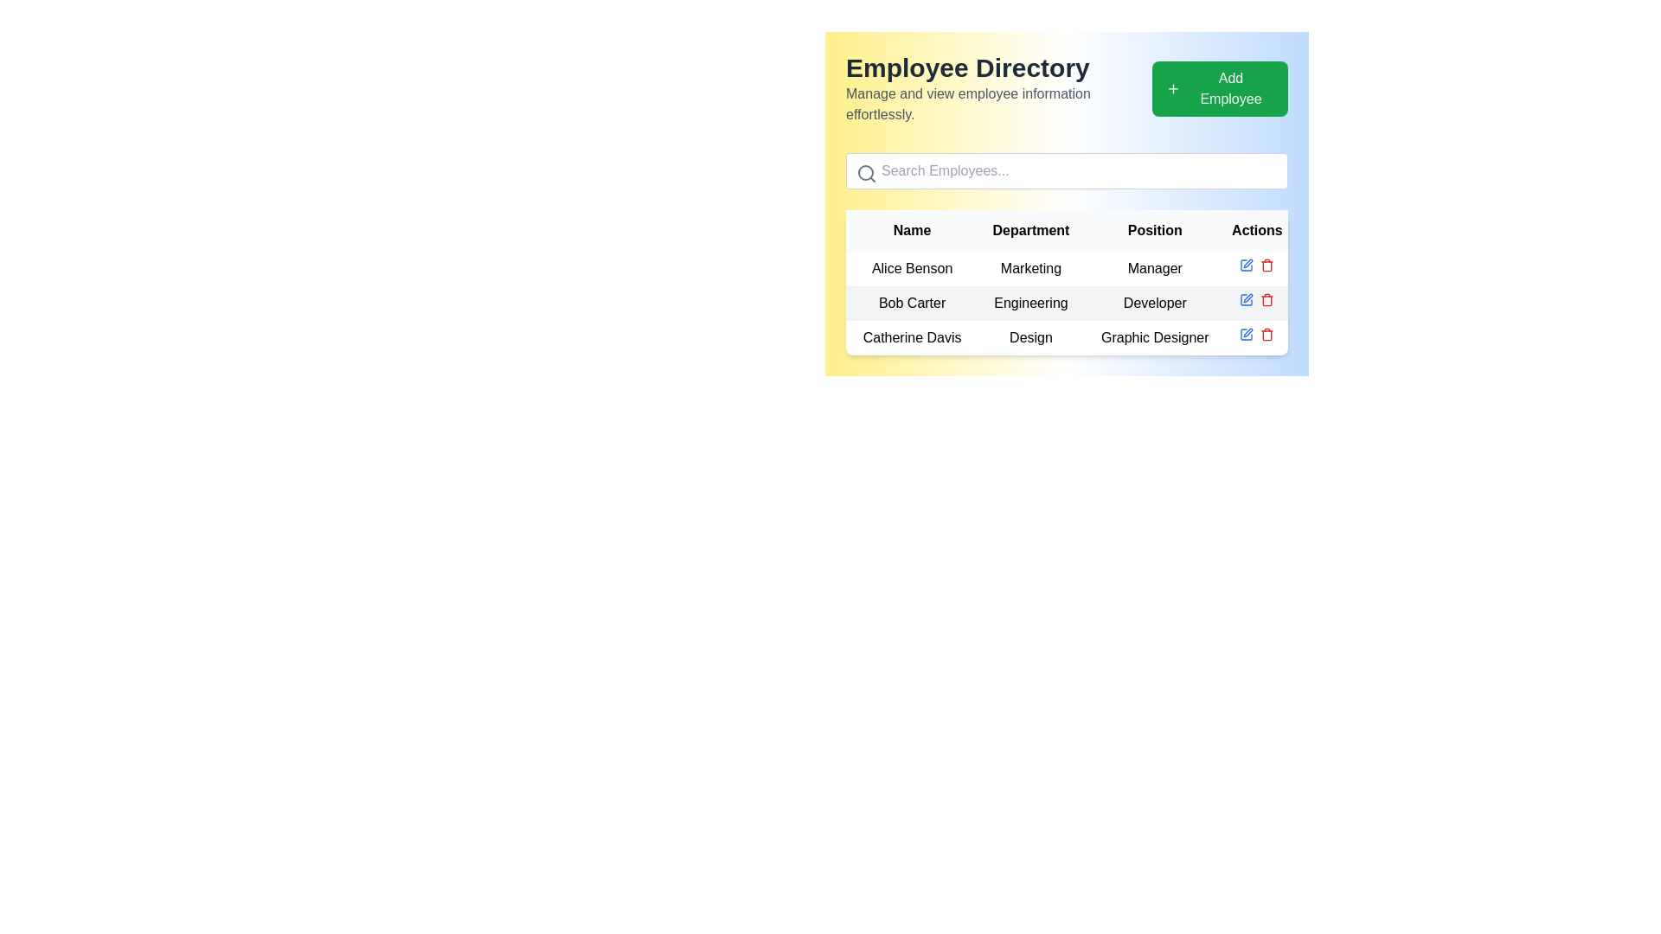 The width and height of the screenshot is (1661, 934). What do you see at coordinates (1030, 303) in the screenshot?
I see `the text label indicating the department of the employee 'Bob Carter' in the employee directory table, which is located in the second row and horizontally centered in the 'Department' column` at bounding box center [1030, 303].